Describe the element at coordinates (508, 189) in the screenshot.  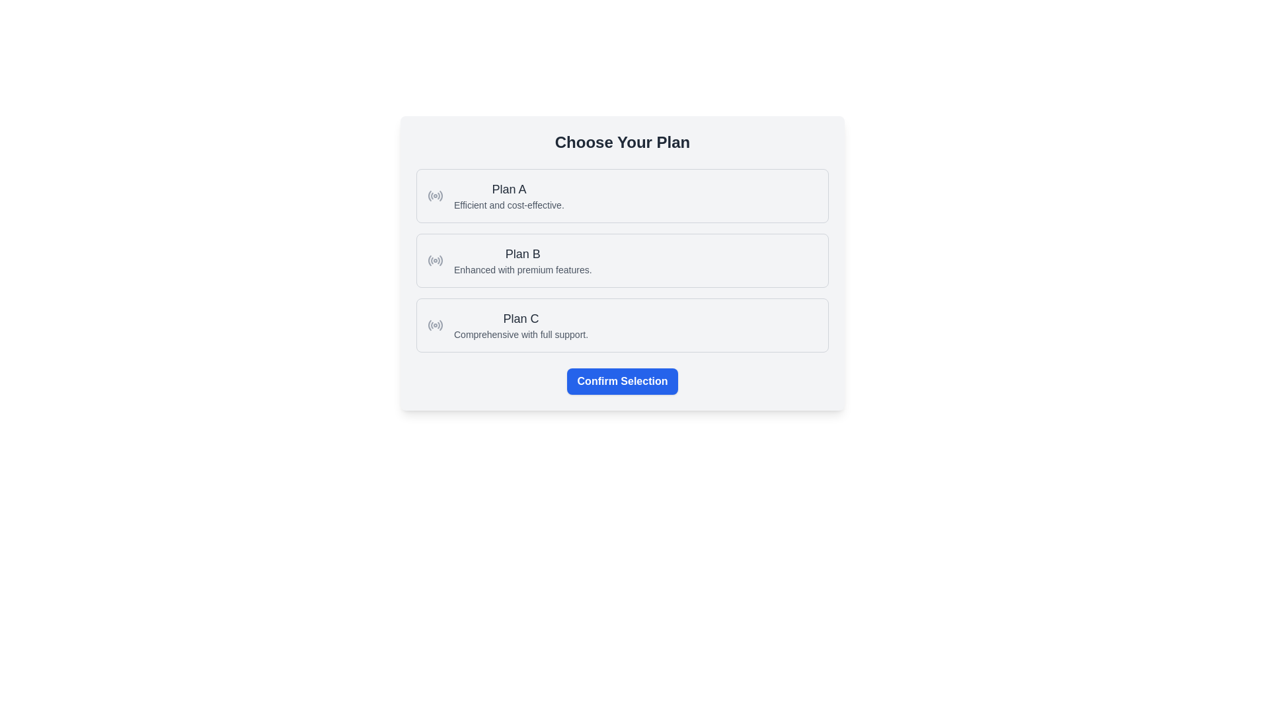
I see `the first text label representing a selectable plan option, which is located near the top left of the options section` at that location.